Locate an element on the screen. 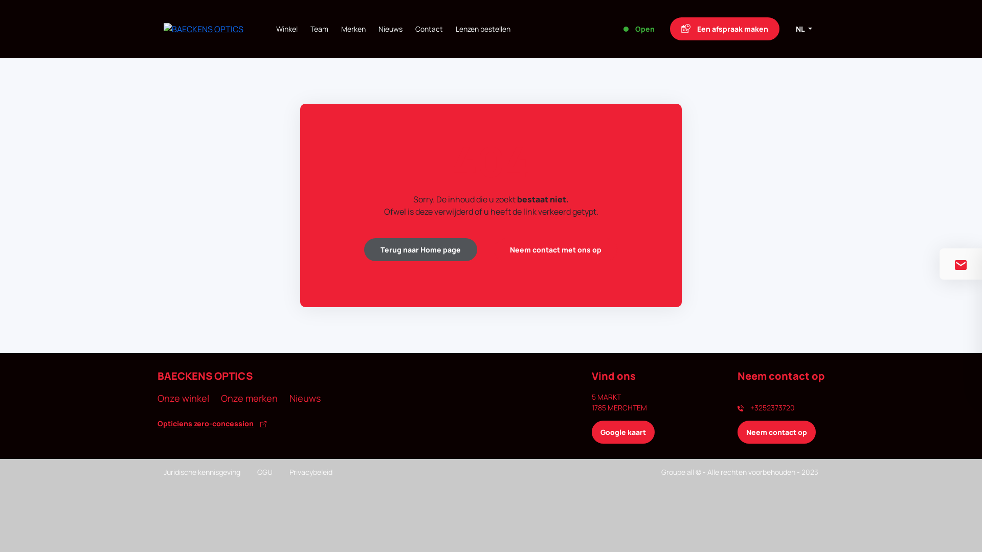  'Terug naar Home page' is located at coordinates (420, 249).